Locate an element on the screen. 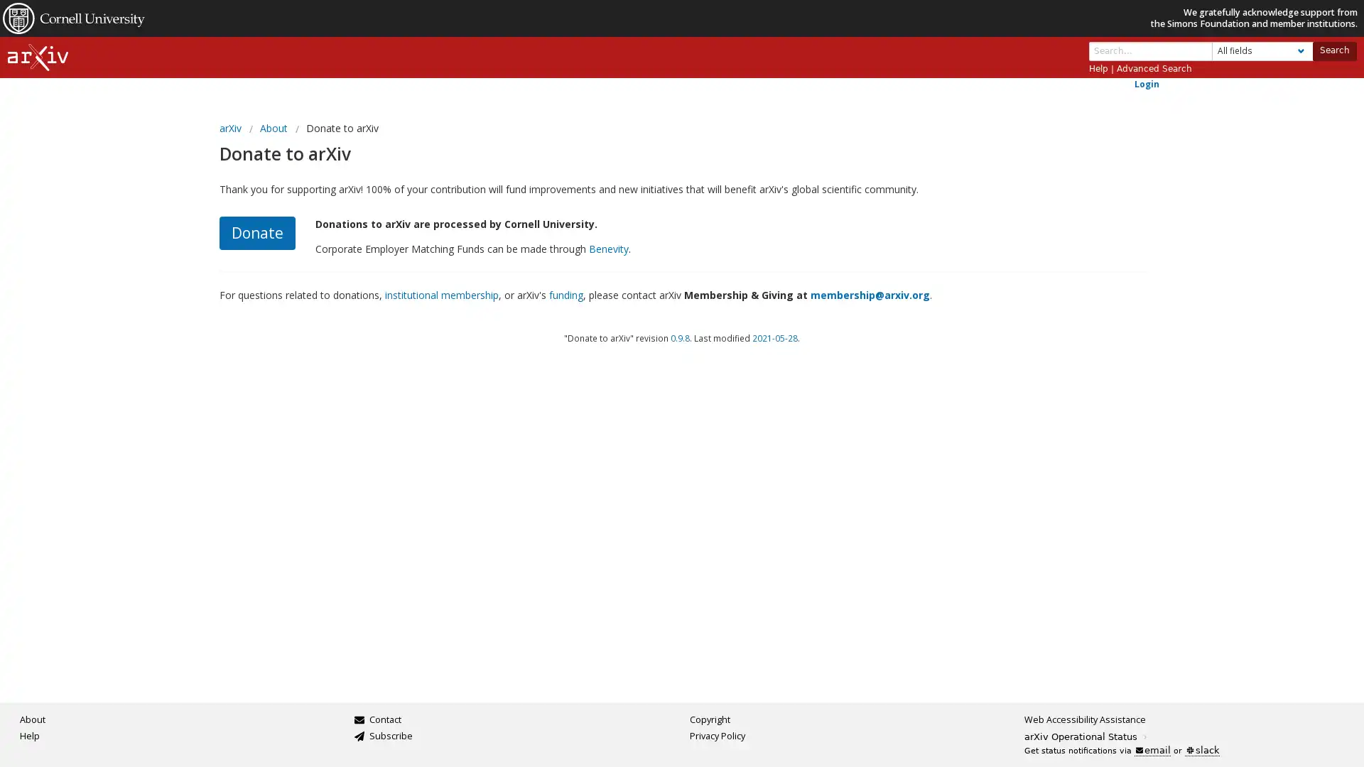 The width and height of the screenshot is (1364, 767). Search is located at coordinates (1333, 50).